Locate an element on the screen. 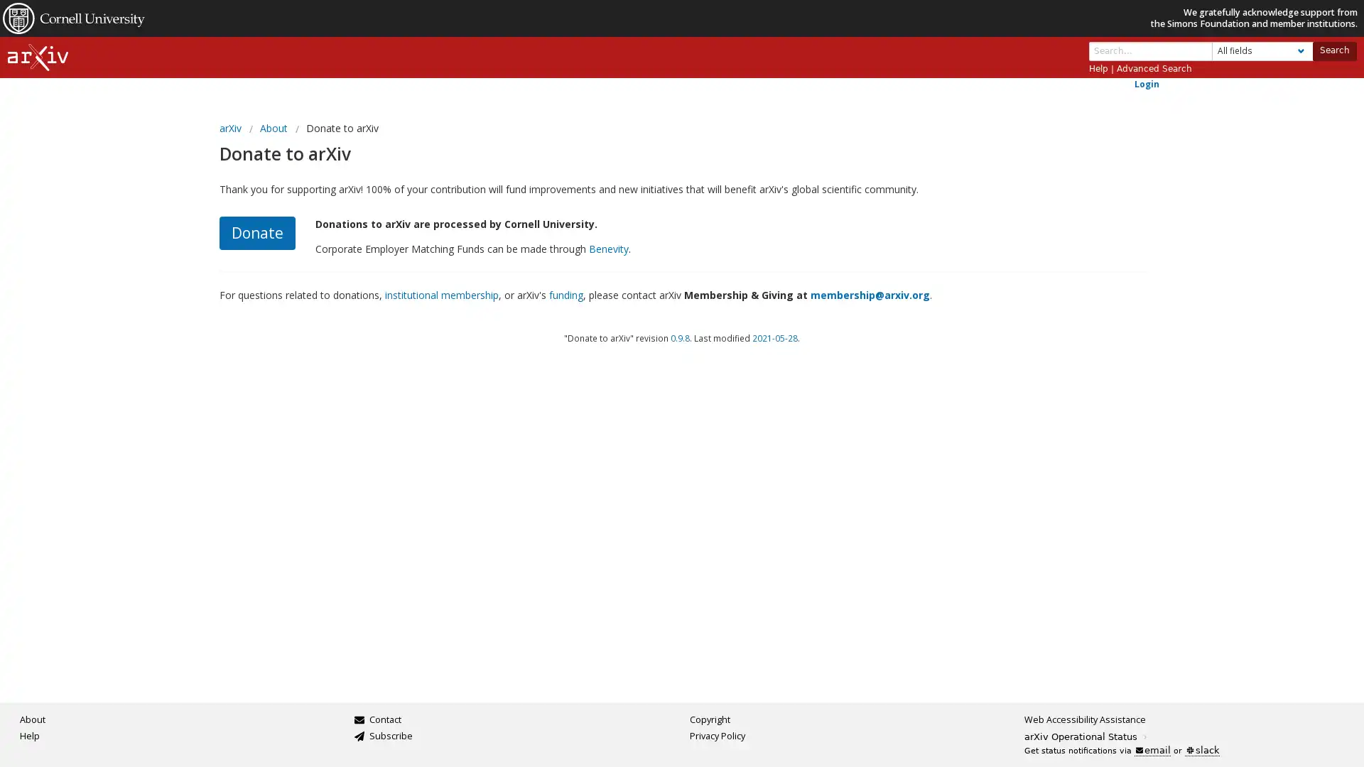 The width and height of the screenshot is (1364, 767). Search is located at coordinates (1333, 50).